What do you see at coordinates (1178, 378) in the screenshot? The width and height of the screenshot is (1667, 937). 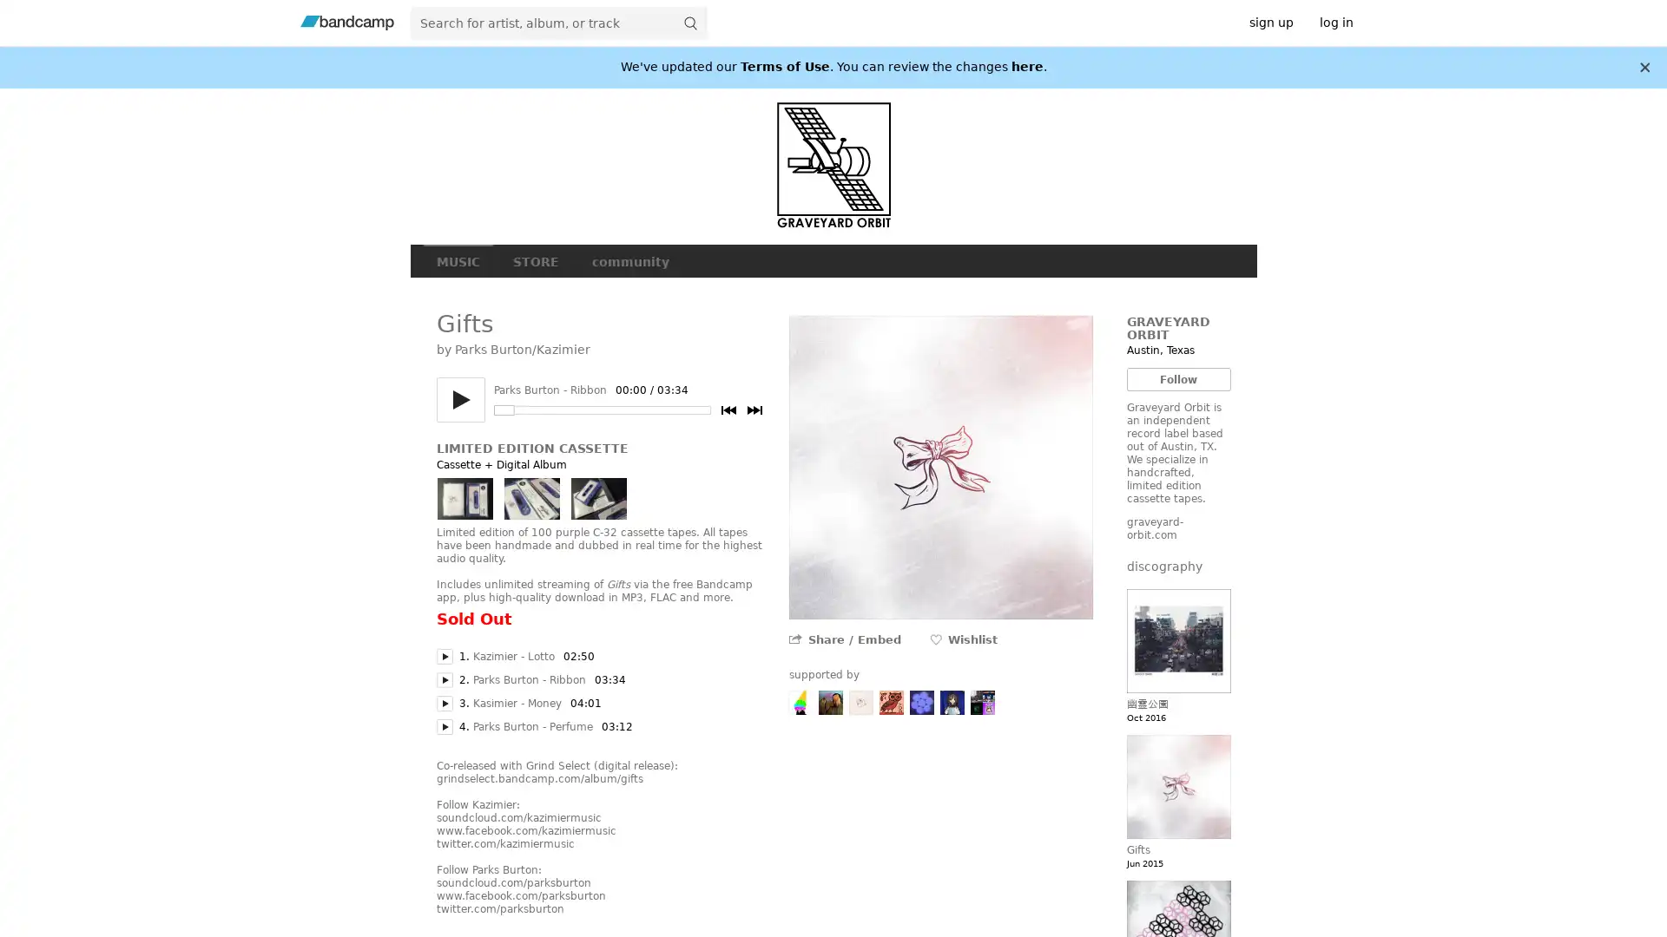 I see `Follow` at bounding box center [1178, 378].